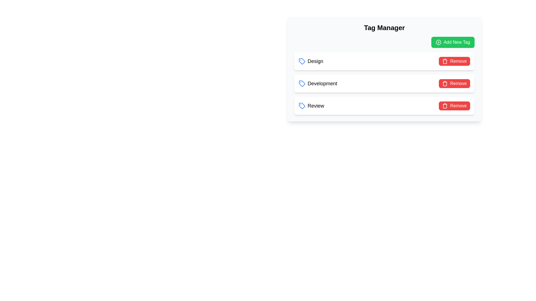 The height and width of the screenshot is (301, 536). I want to click on text 'Review' which is displayed in bold next to a blue tag icon, located in the bottom row of the 'Tag Manager' card, so click(311, 106).